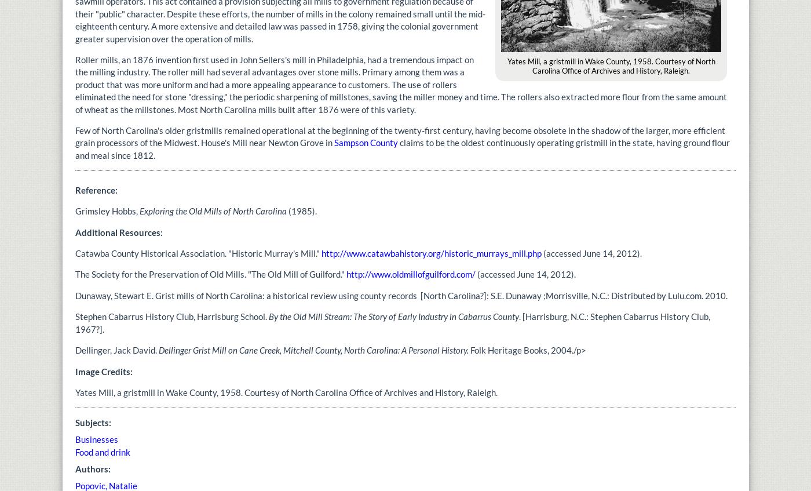 Image resolution: width=811 pixels, height=491 pixels. Describe the element at coordinates (94, 422) in the screenshot. I see `'Subjects:'` at that location.